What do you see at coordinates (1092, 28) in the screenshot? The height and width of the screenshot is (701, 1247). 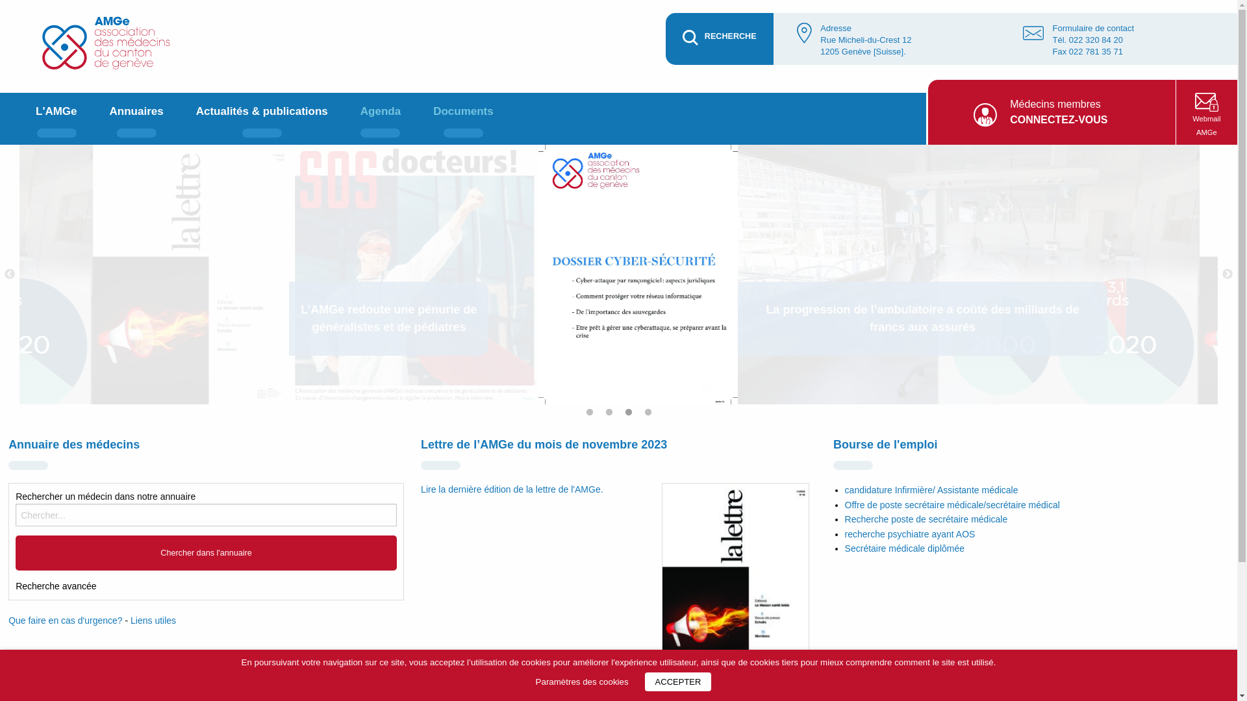 I see `'Formulaire de contact'` at bounding box center [1092, 28].